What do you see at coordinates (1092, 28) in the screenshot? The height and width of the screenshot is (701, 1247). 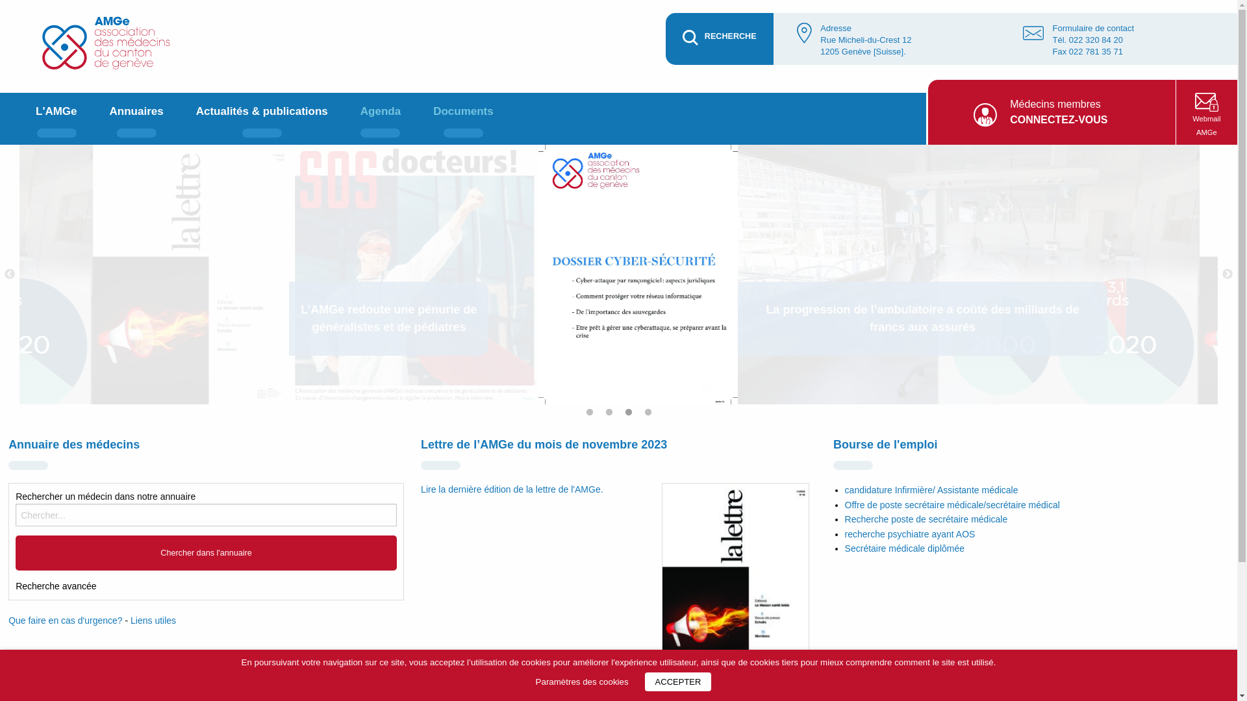 I see `'Formulaire de contact'` at bounding box center [1092, 28].